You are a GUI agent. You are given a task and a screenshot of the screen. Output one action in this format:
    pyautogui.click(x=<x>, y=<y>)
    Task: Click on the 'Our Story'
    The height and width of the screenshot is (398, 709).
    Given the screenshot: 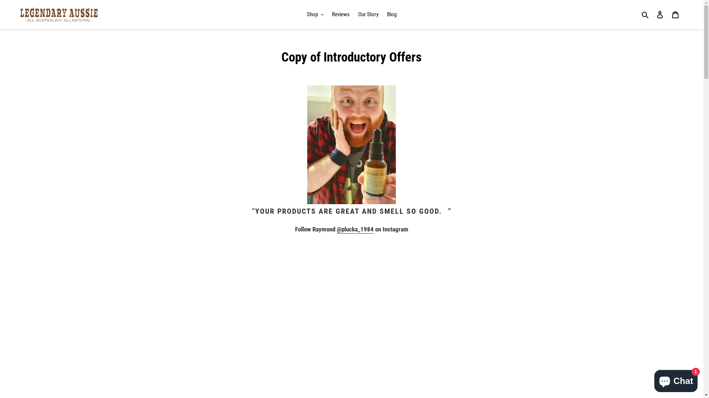 What is the action you would take?
    pyautogui.click(x=354, y=14)
    